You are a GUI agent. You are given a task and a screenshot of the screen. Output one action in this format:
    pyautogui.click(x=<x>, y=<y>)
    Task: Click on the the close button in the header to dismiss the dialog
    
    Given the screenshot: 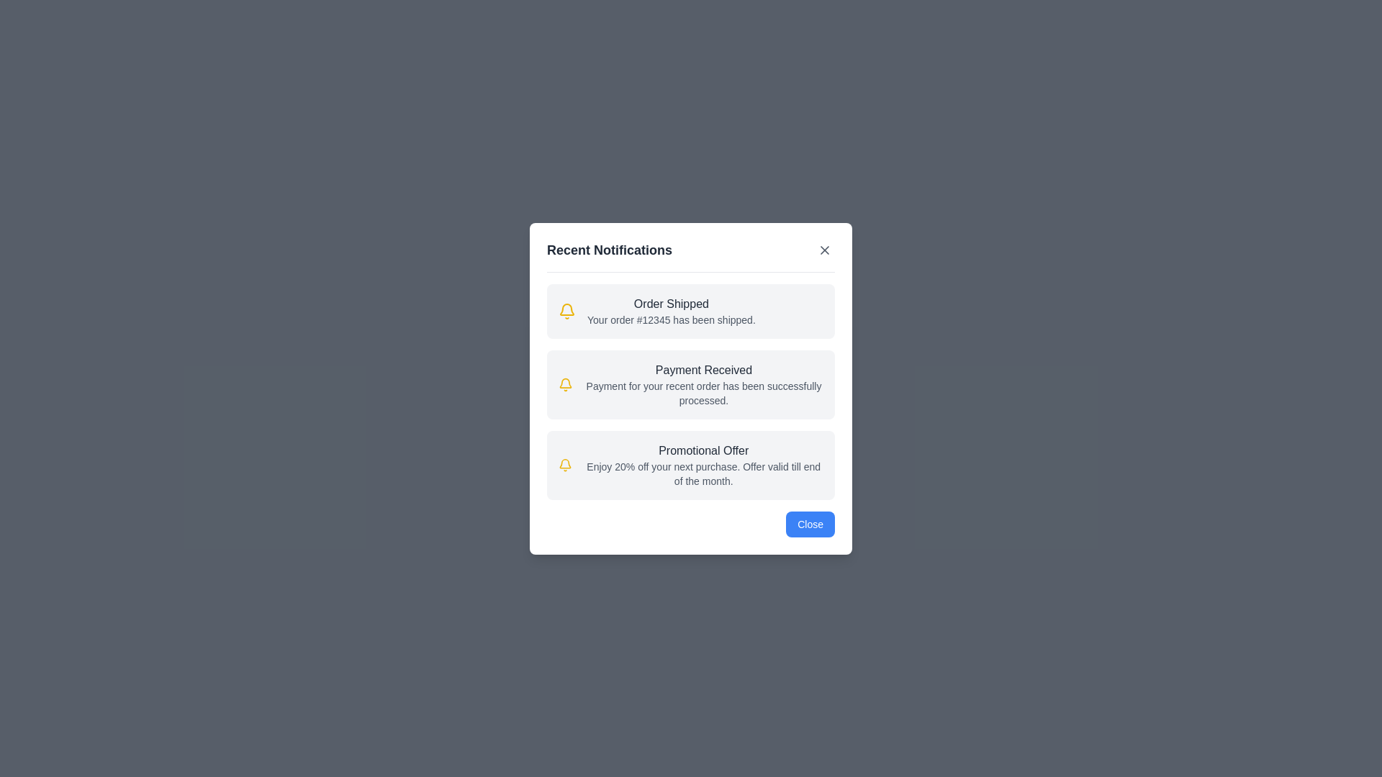 What is the action you would take?
    pyautogui.click(x=825, y=249)
    